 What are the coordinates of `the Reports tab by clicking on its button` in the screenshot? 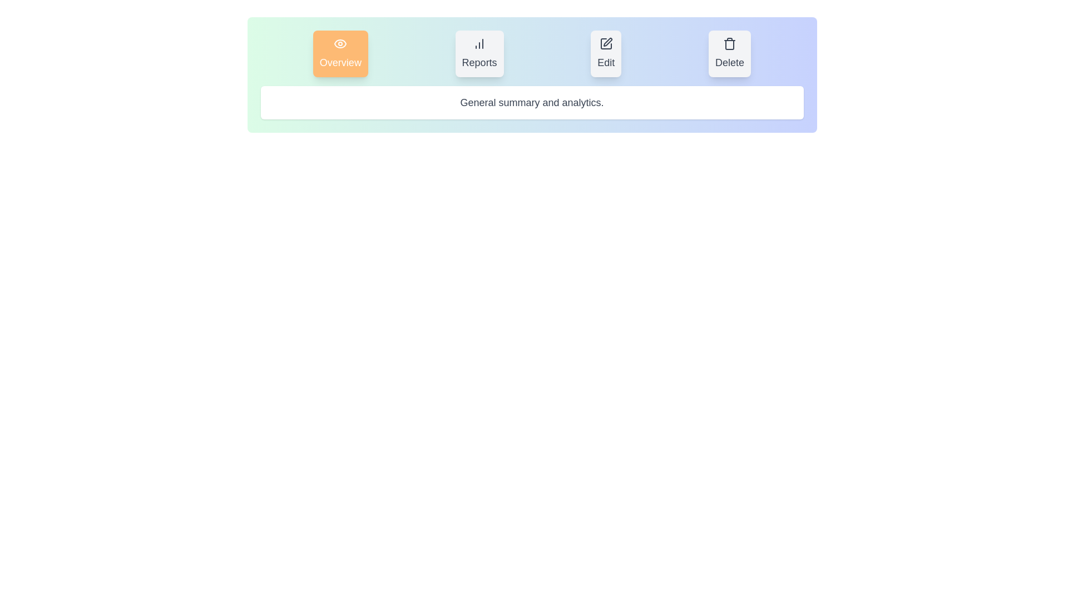 It's located at (479, 53).